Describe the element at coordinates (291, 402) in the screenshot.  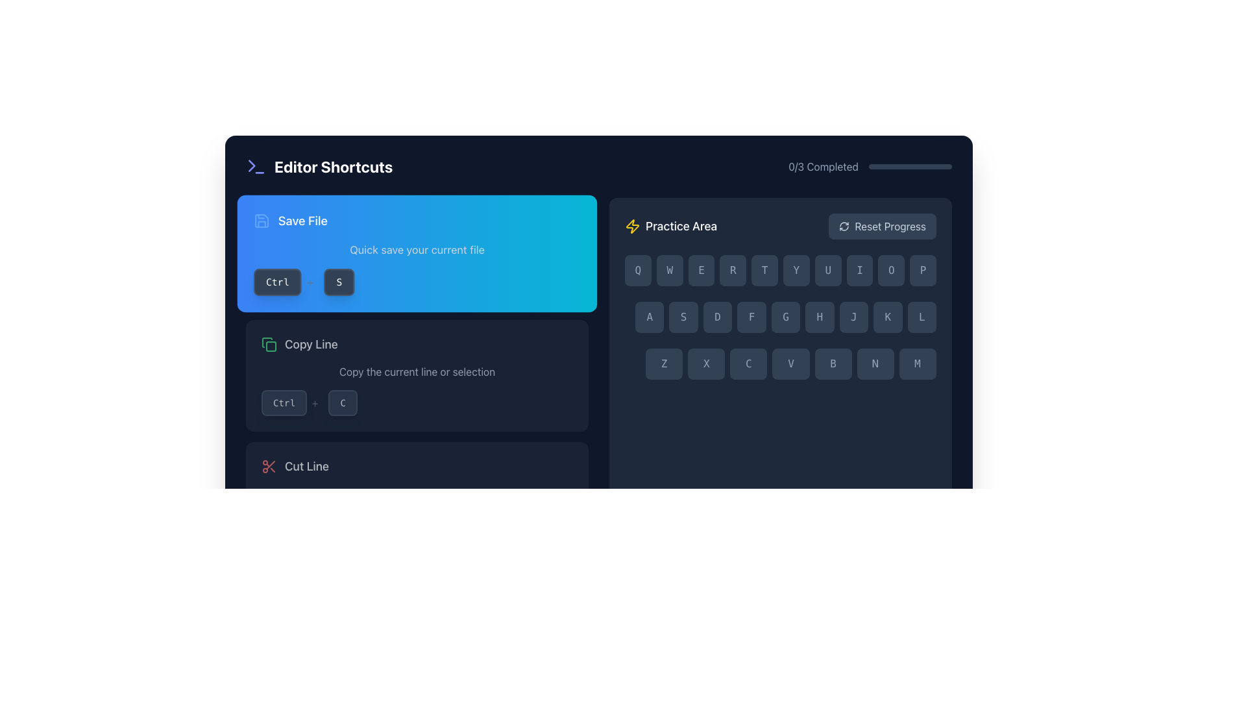
I see `contents of the Composite text element displaying 'Ctrl+' in the 'Copy Line' section, which is styled with a rounded box and a dark background` at that location.